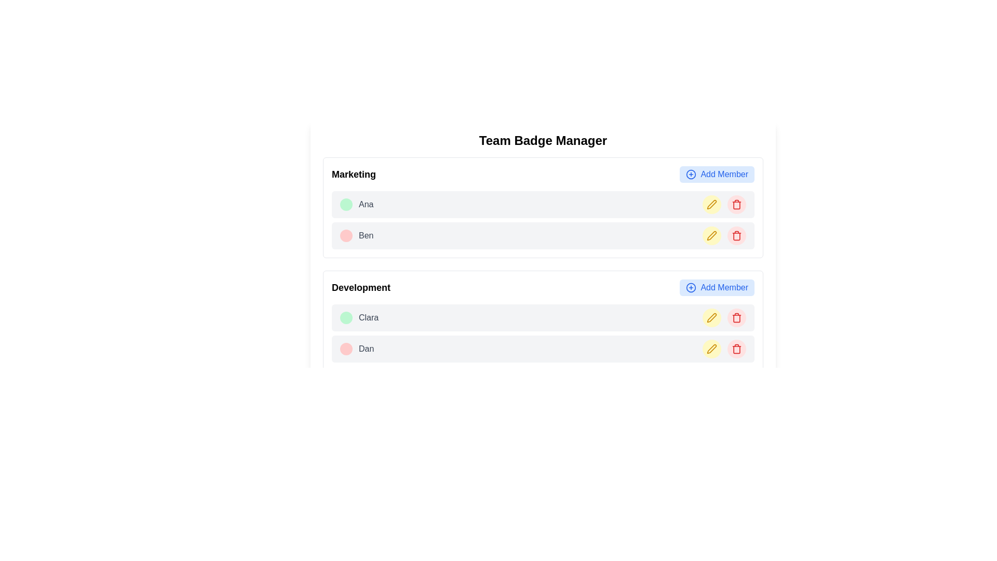 The image size is (997, 561). I want to click on text content of the second text label adjacent to the green badge labeled 'Active' in the 'Development' section of the team management interface, so click(359, 317).